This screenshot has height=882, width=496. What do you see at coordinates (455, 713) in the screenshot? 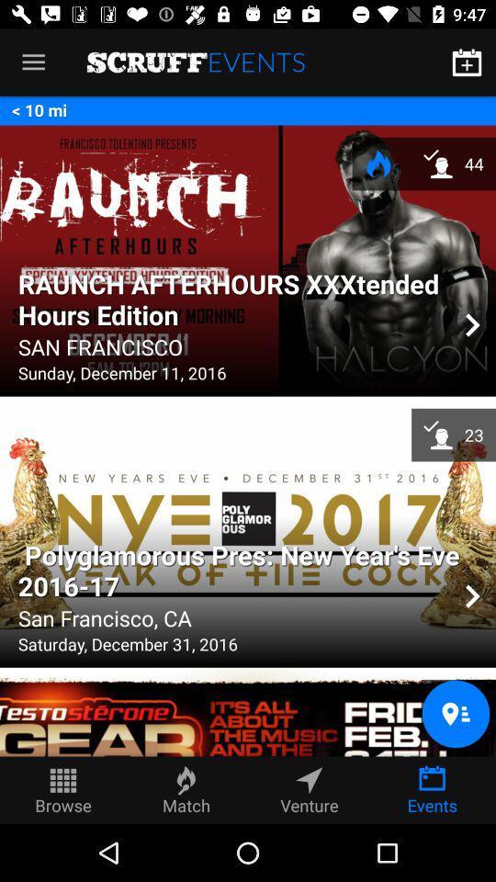
I see `the location icon` at bounding box center [455, 713].